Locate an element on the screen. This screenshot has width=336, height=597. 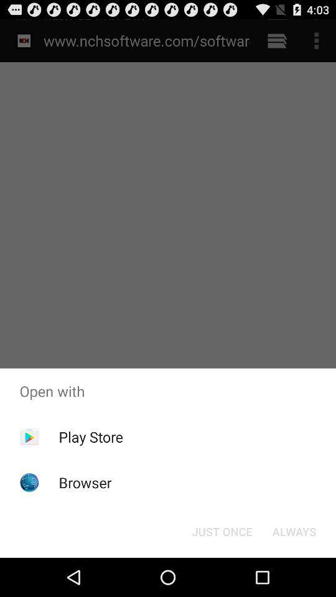
just once is located at coordinates (222, 530).